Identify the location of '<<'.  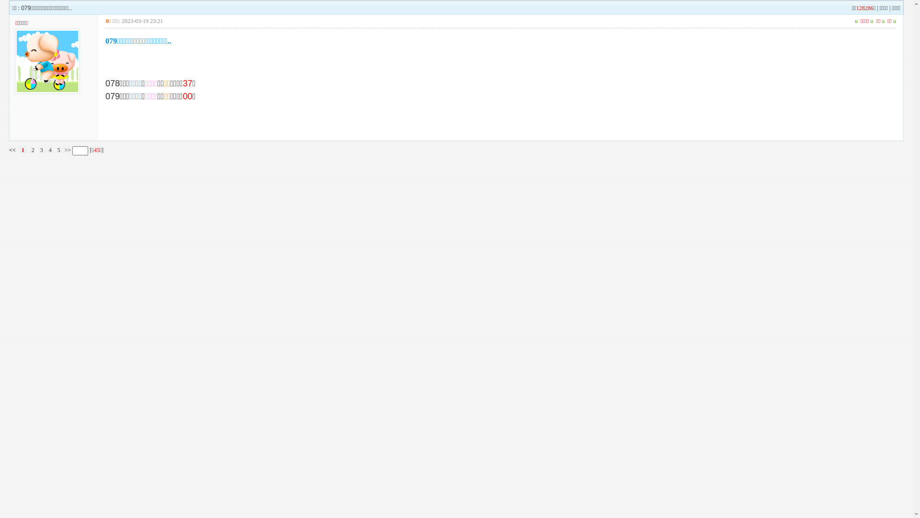
(9, 150).